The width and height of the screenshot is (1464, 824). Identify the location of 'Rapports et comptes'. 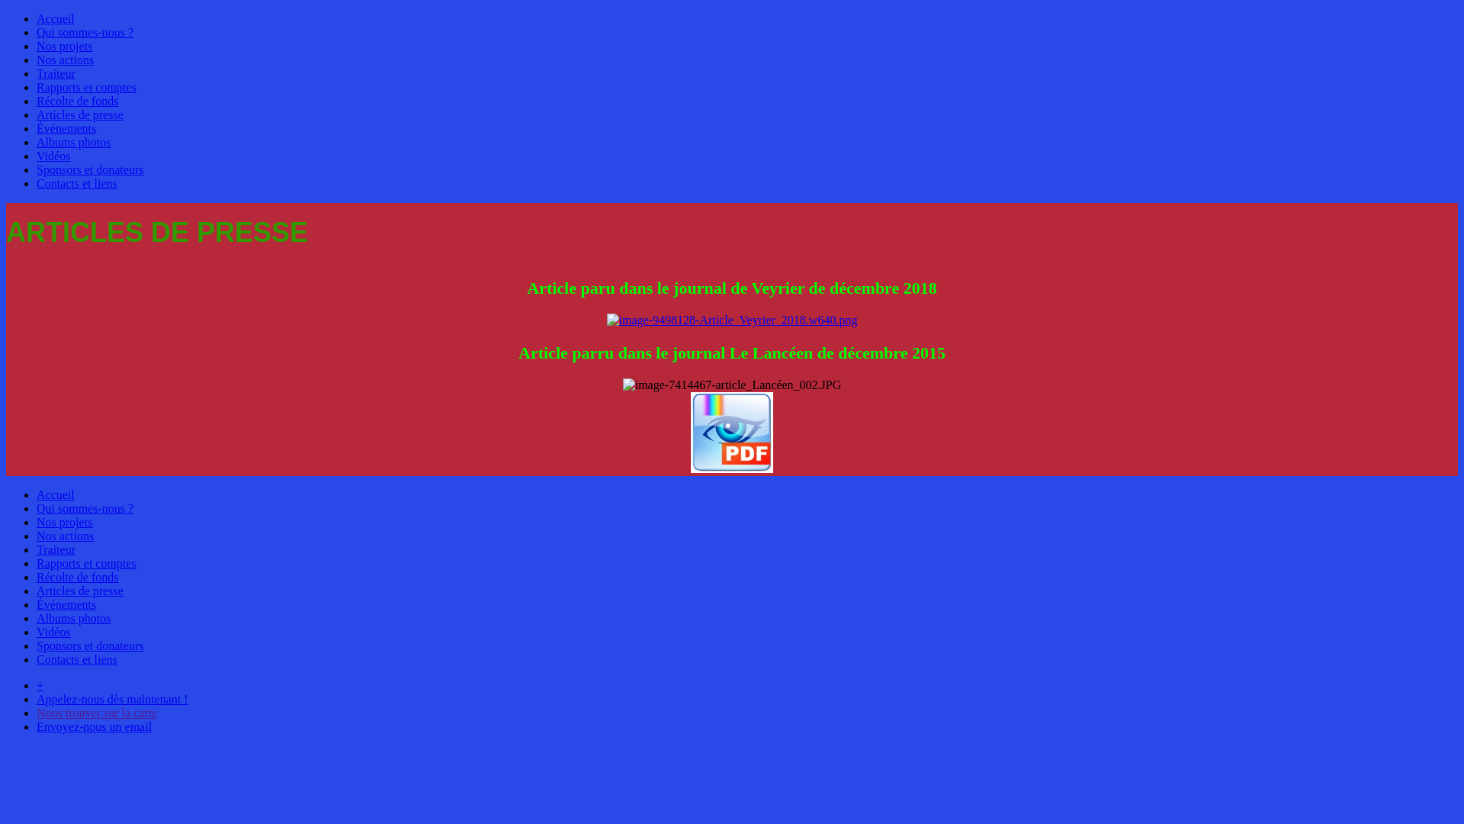
(85, 87).